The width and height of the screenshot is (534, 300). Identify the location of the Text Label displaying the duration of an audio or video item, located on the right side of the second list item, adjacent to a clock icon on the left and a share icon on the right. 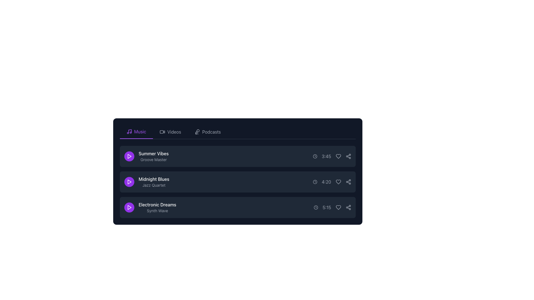
(326, 182).